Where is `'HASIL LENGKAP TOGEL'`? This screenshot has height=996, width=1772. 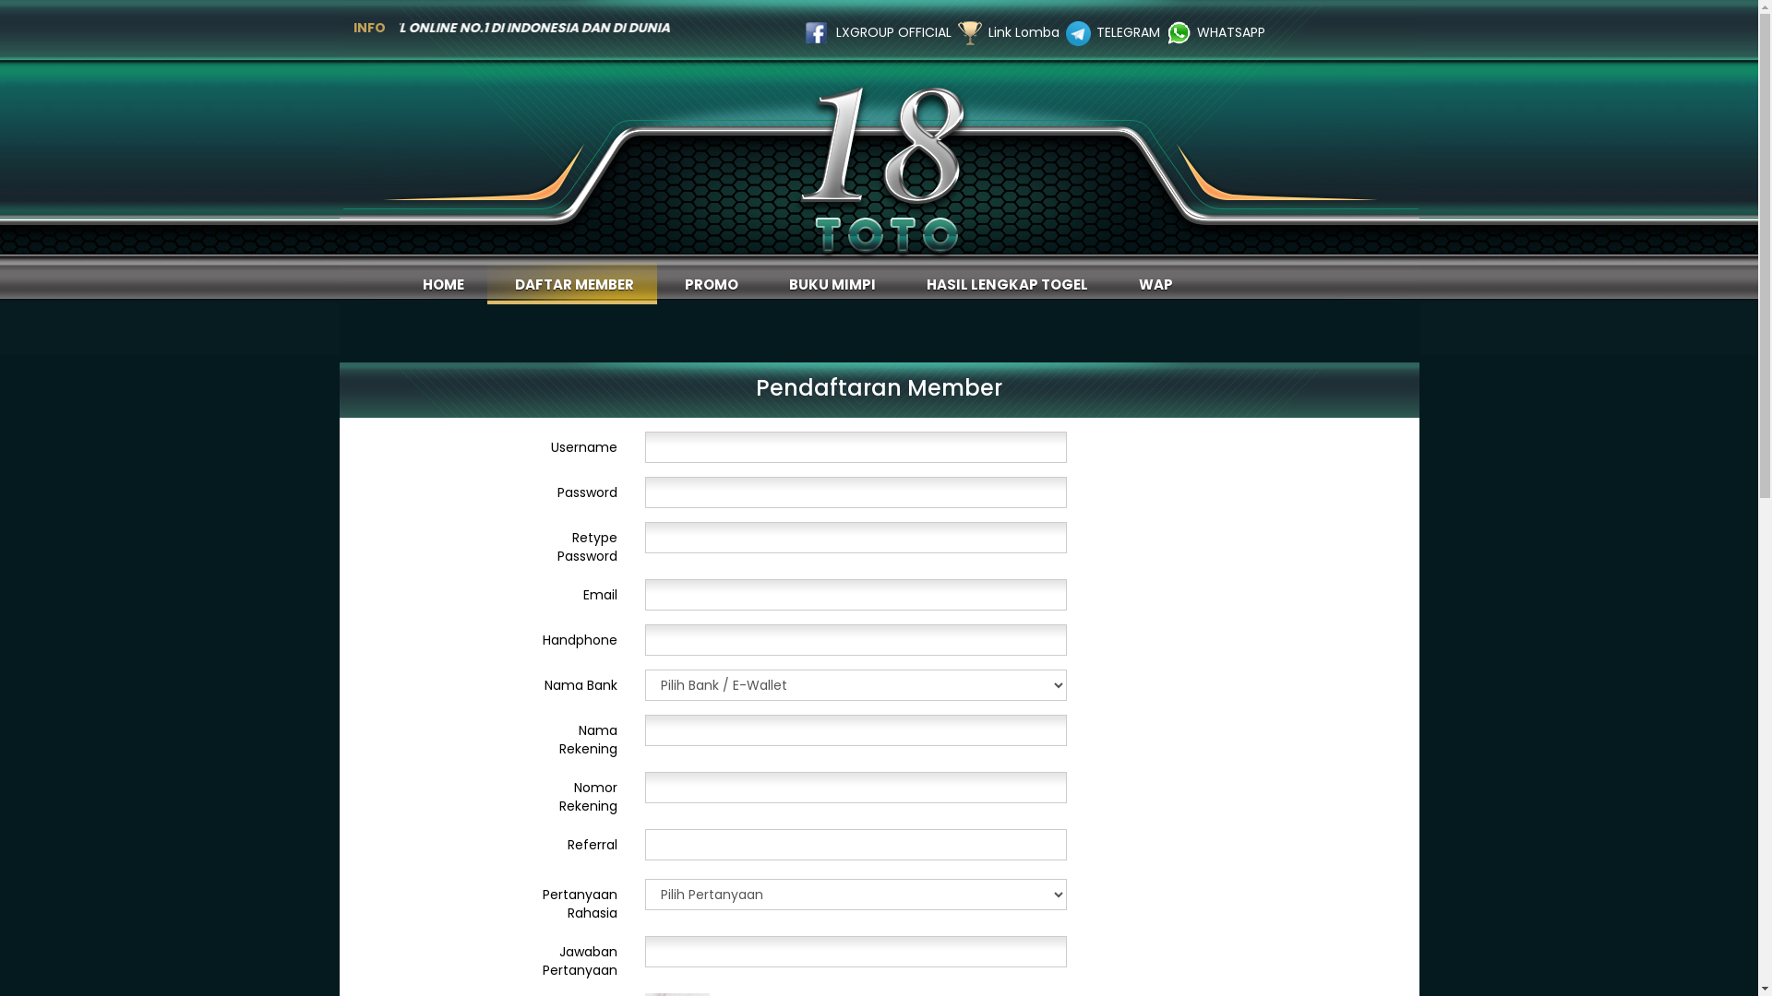
'HASIL LENGKAP TOGEL' is located at coordinates (1004, 283).